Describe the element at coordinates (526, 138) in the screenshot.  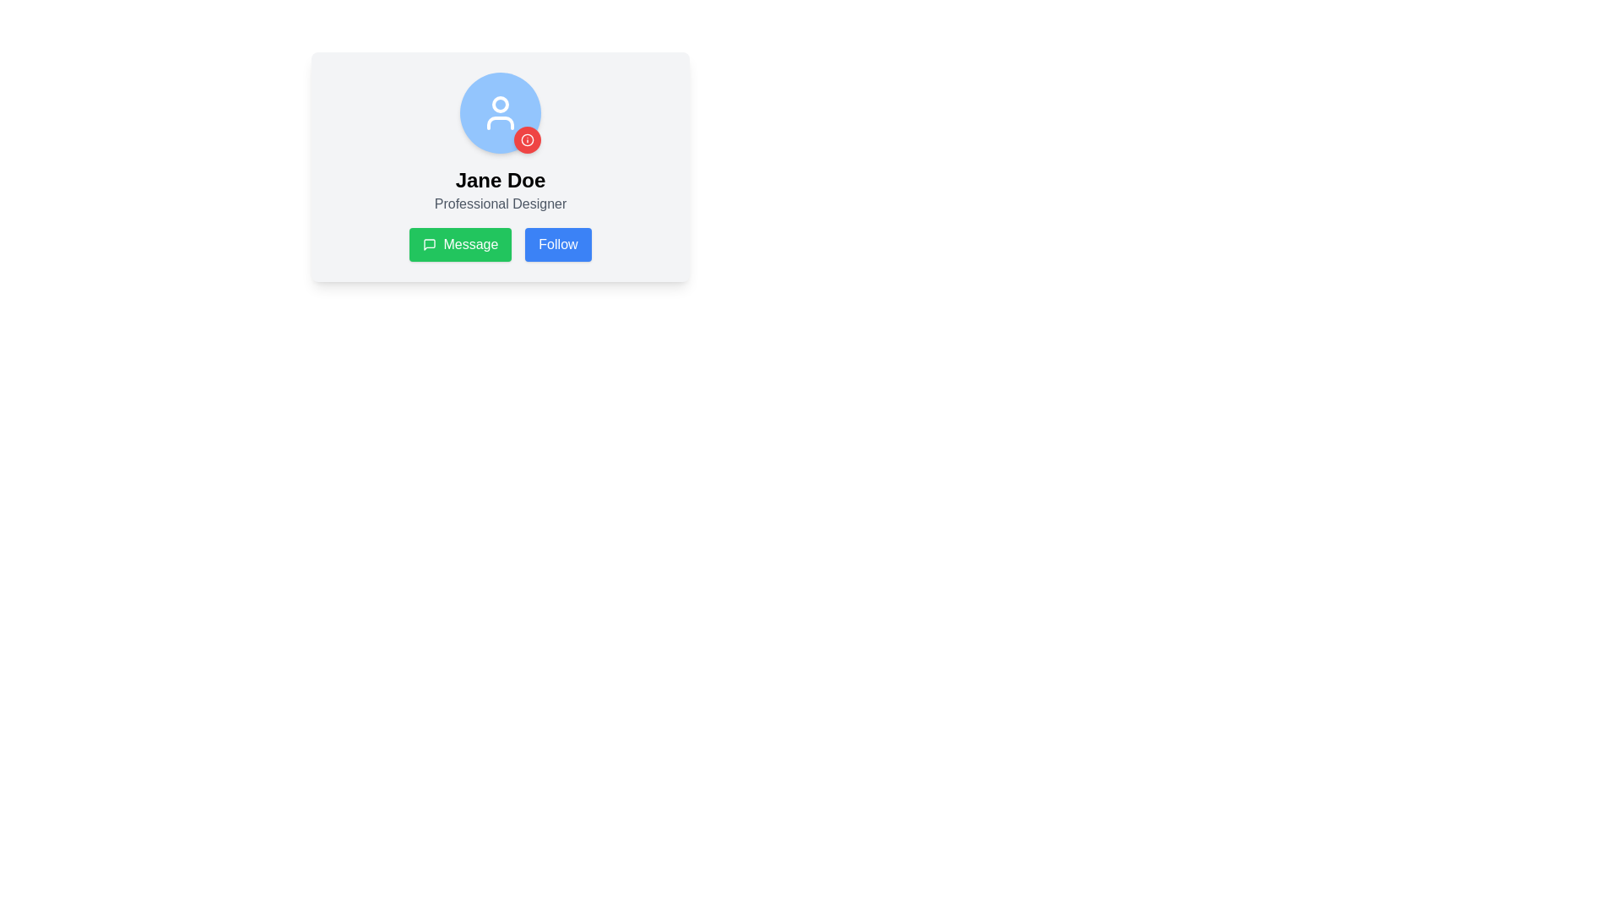
I see `the small circular icon with a red background and white 'info' symbol located at the bottom-right corner of the profile image area` at that location.